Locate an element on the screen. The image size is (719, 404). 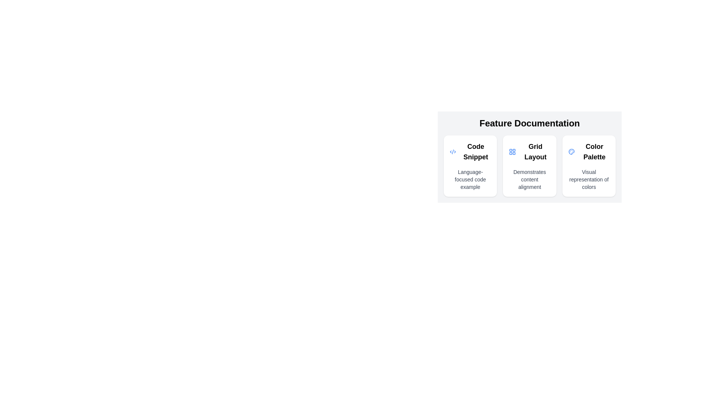
the descriptive title Text element located under the 'Feature Documentation' header, positioned between 'Code Snippet' and 'Color Palette' is located at coordinates (529, 151).